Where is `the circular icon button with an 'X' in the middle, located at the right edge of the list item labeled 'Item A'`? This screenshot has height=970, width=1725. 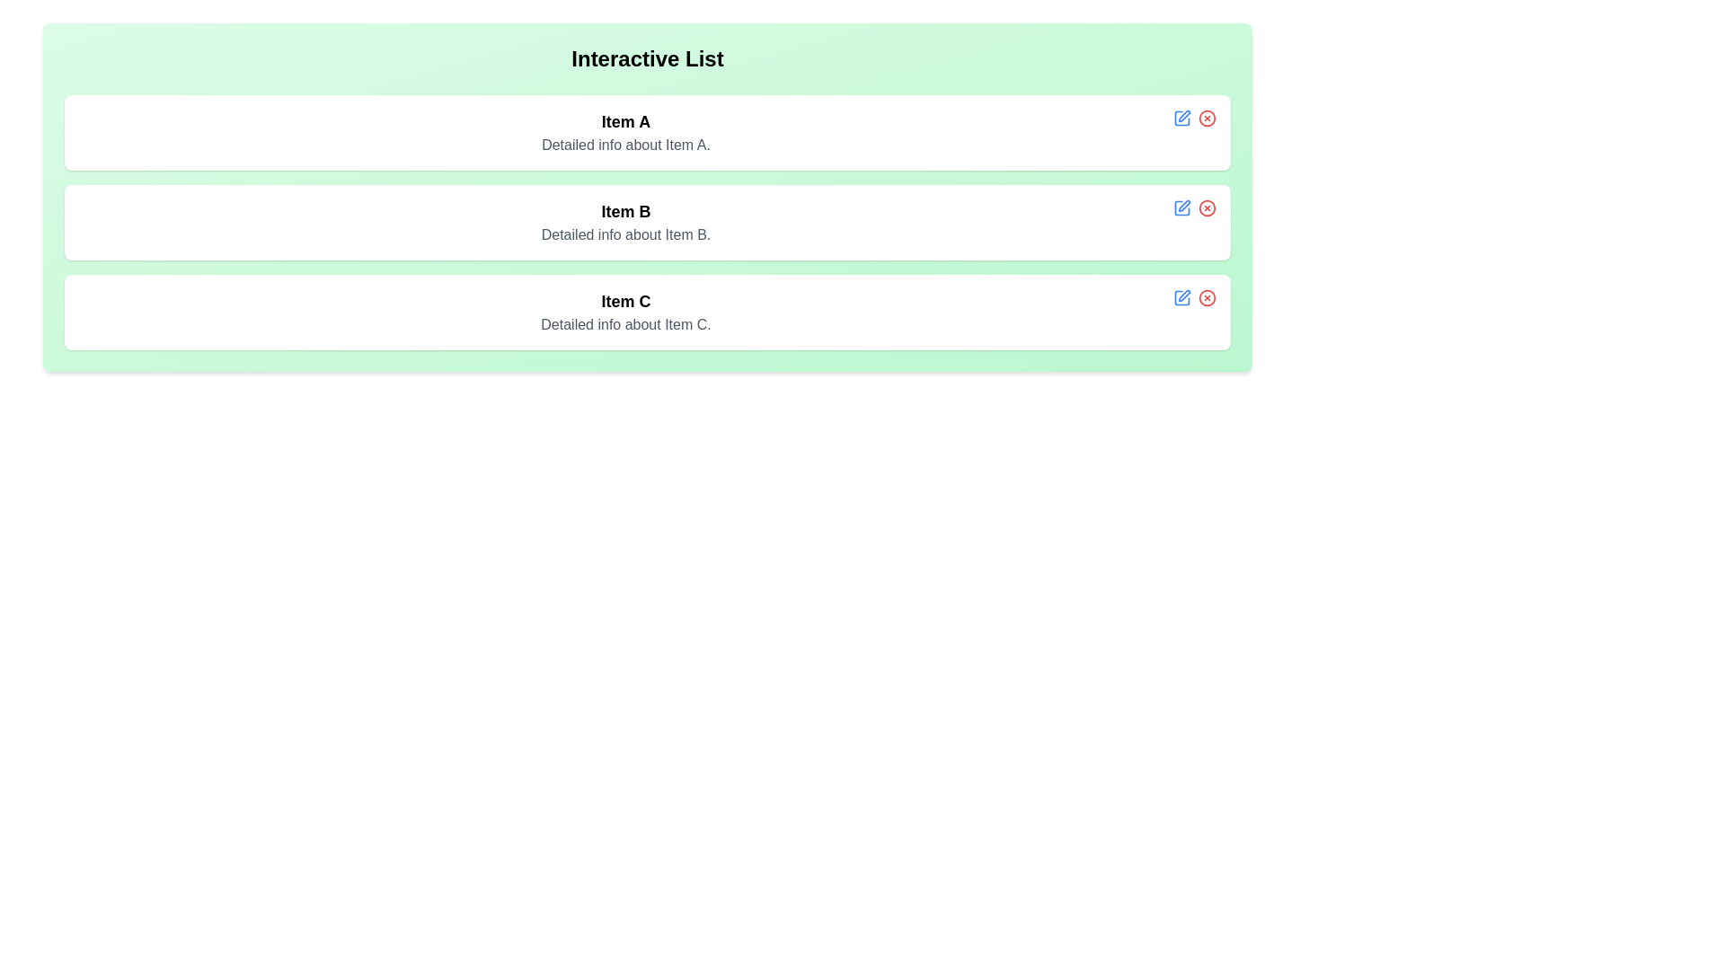
the circular icon button with an 'X' in the middle, located at the right edge of the list item labeled 'Item A' is located at coordinates (1207, 118).